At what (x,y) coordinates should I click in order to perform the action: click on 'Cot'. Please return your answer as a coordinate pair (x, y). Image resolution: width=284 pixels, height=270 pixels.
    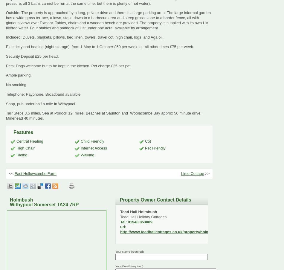
    Looking at the image, I should click on (145, 141).